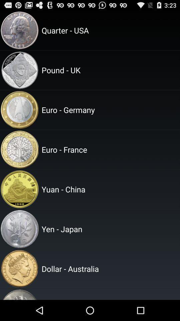  I want to click on quarter - usa item, so click(110, 30).